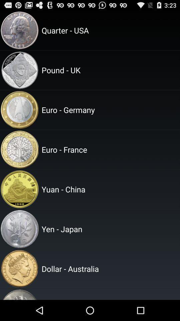  I want to click on quarter - usa item, so click(110, 30).